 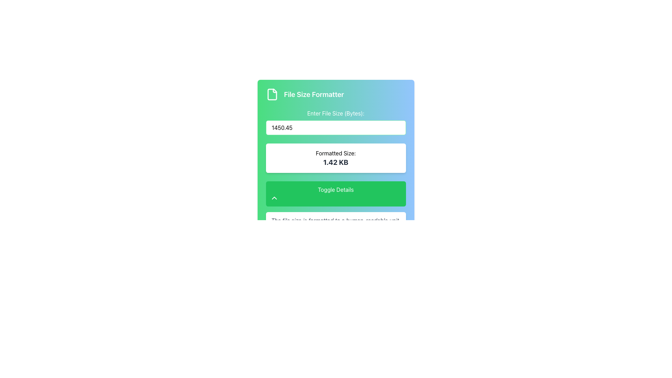 What do you see at coordinates (335, 158) in the screenshot?
I see `the Static Text Display that shows 'Formatted Size:' and '1.42 KB'` at bounding box center [335, 158].